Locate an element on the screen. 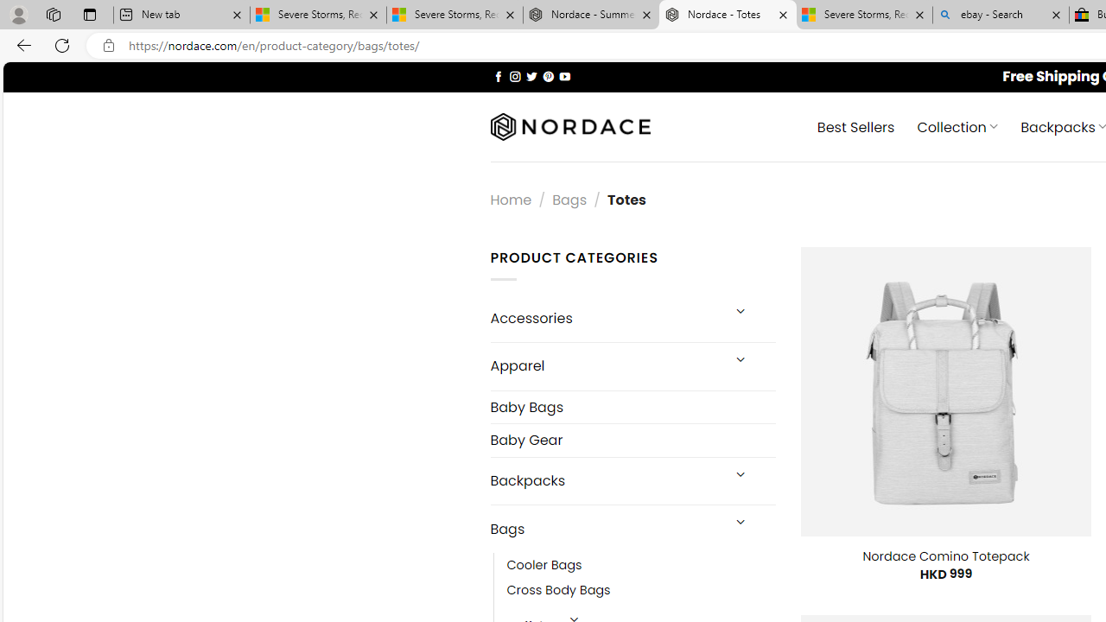 Image resolution: width=1106 pixels, height=622 pixels. 'Nordace - Summer Adventures 2024' is located at coordinates (591, 15).